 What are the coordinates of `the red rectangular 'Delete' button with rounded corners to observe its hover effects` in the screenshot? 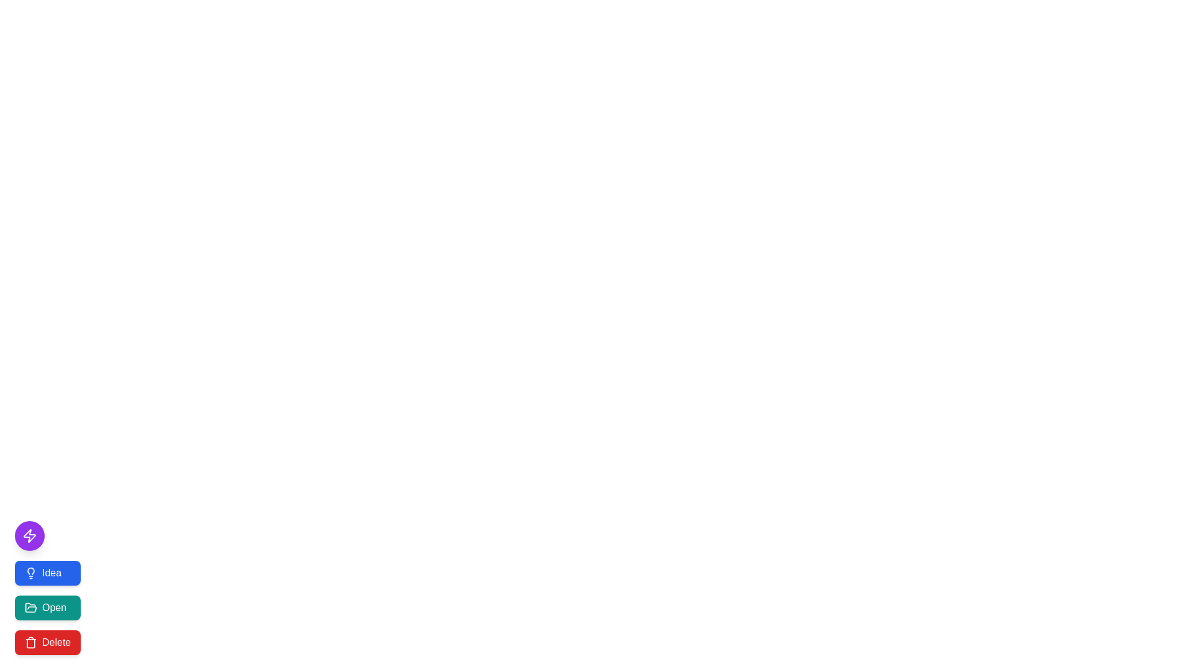 It's located at (48, 642).